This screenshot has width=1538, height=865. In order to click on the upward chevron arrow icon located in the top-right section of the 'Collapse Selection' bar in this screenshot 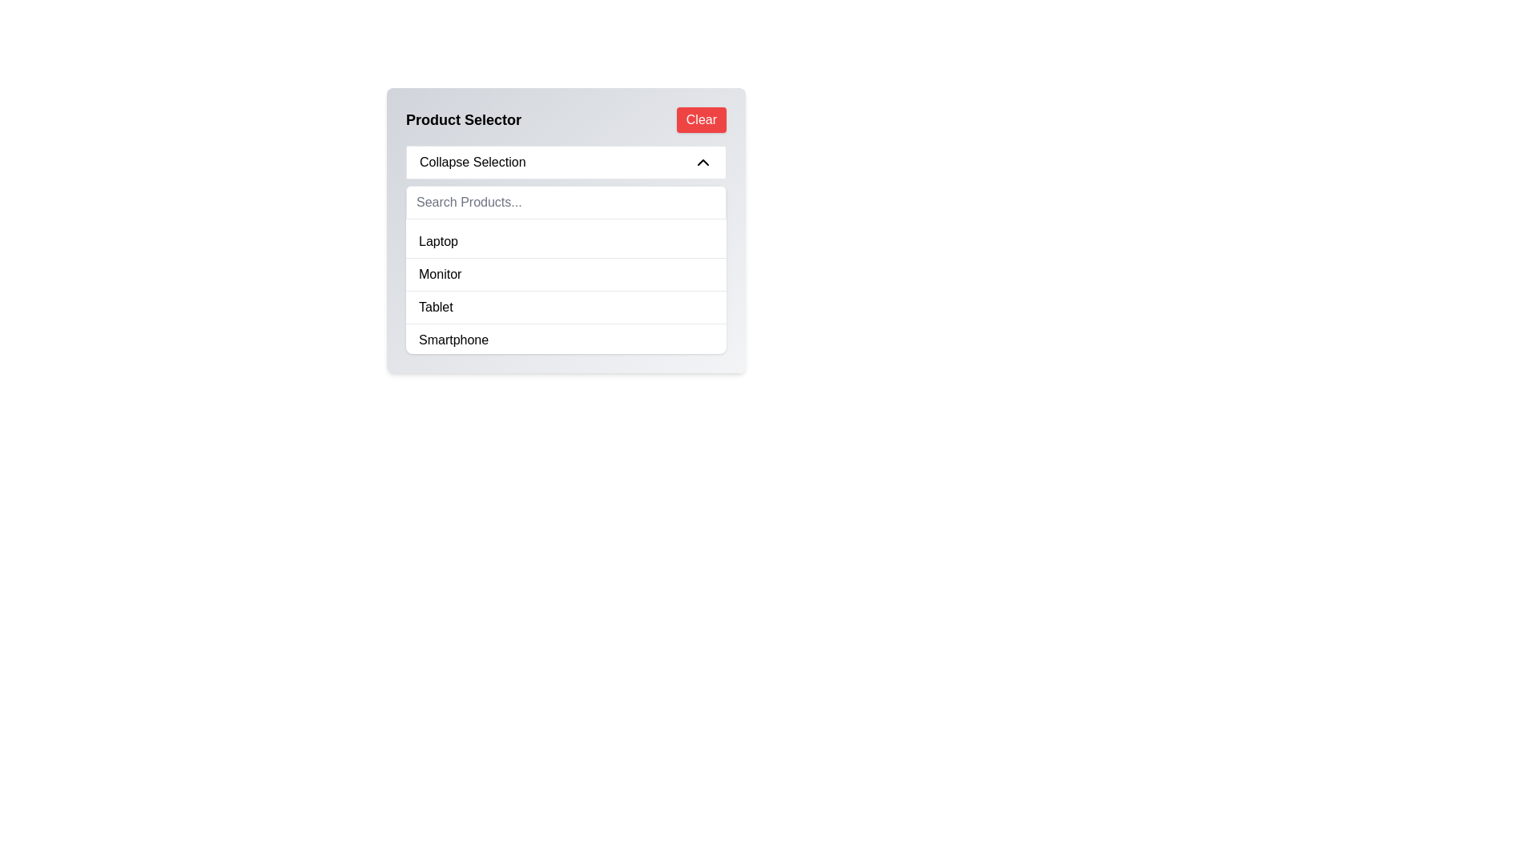, I will do `click(703, 163)`.